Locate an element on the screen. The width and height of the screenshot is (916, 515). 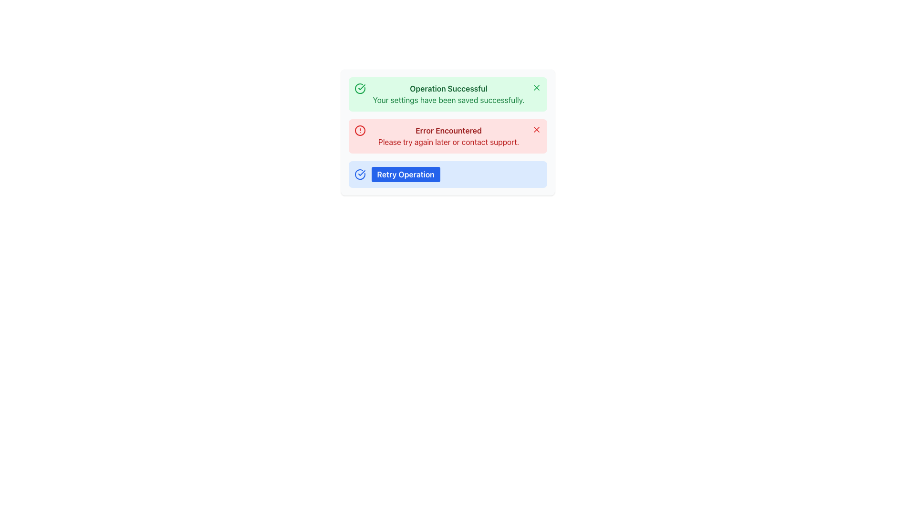
the circular icon with a green stroke and checkmark, indicating a positive action, located at the top-left corner of the green notification box next to the title 'Operation Successful' is located at coordinates (359, 88).